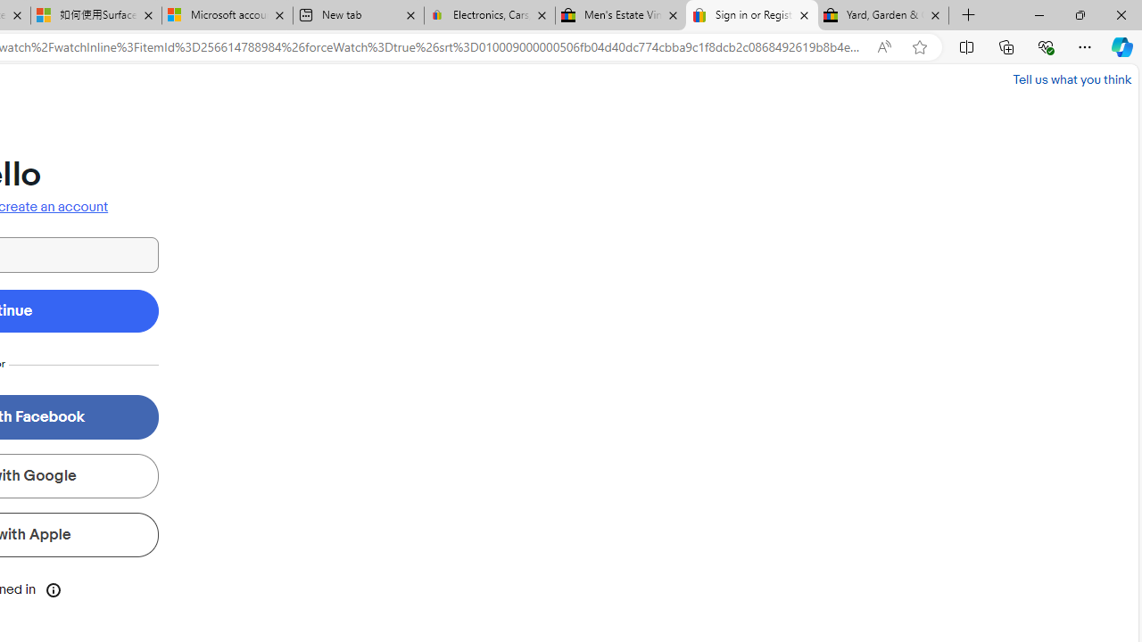 This screenshot has height=642, width=1142. I want to click on 'Tell us what you think - Link opens in a new window', so click(1071, 78).